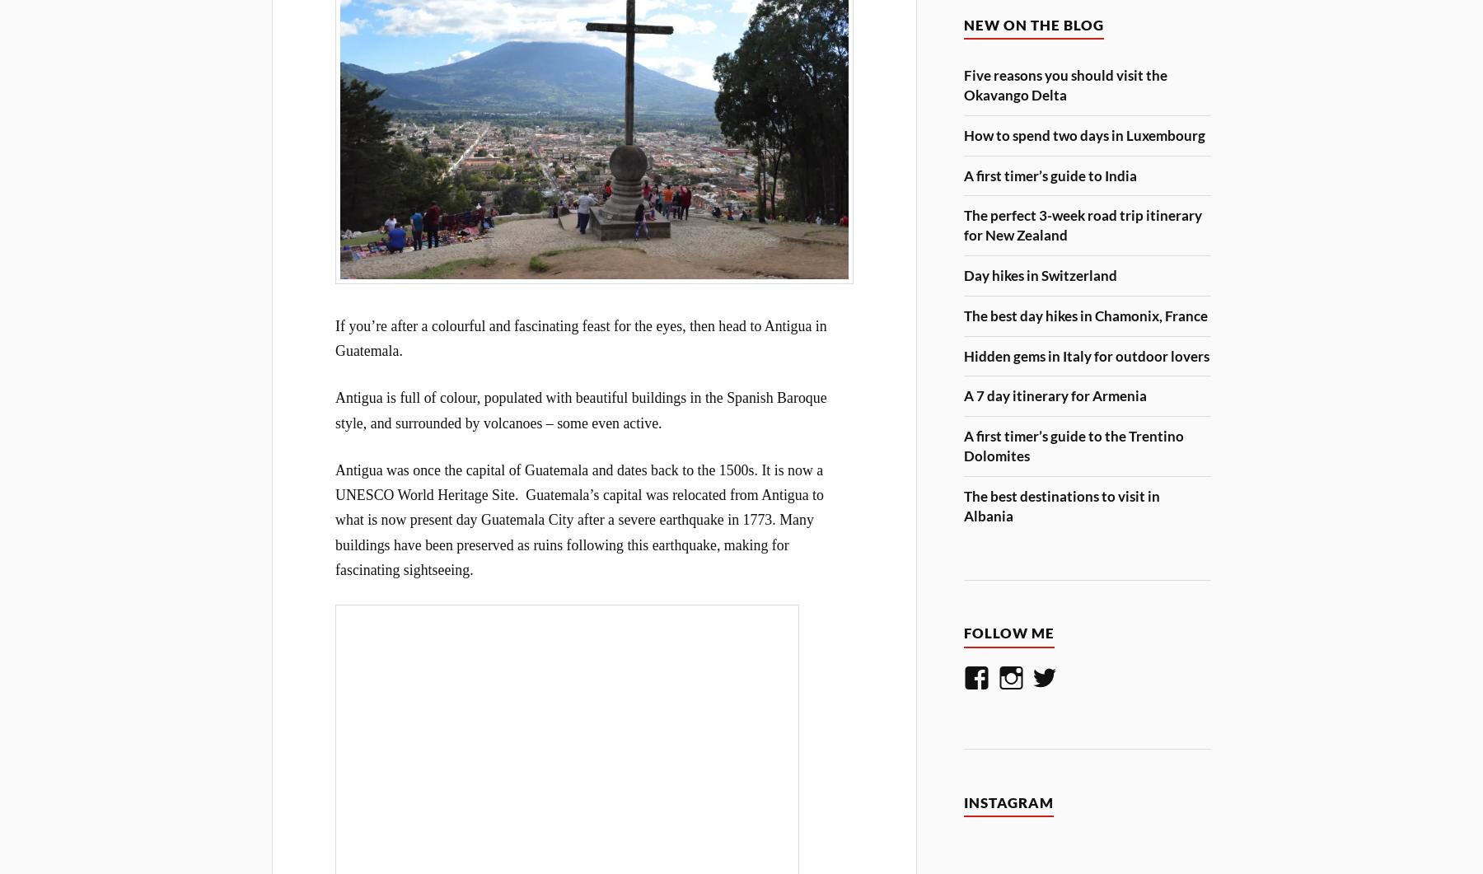 The image size is (1483, 874). I want to click on 'The perfect 3-week road trip itinerary for New Zealand', so click(1083, 224).